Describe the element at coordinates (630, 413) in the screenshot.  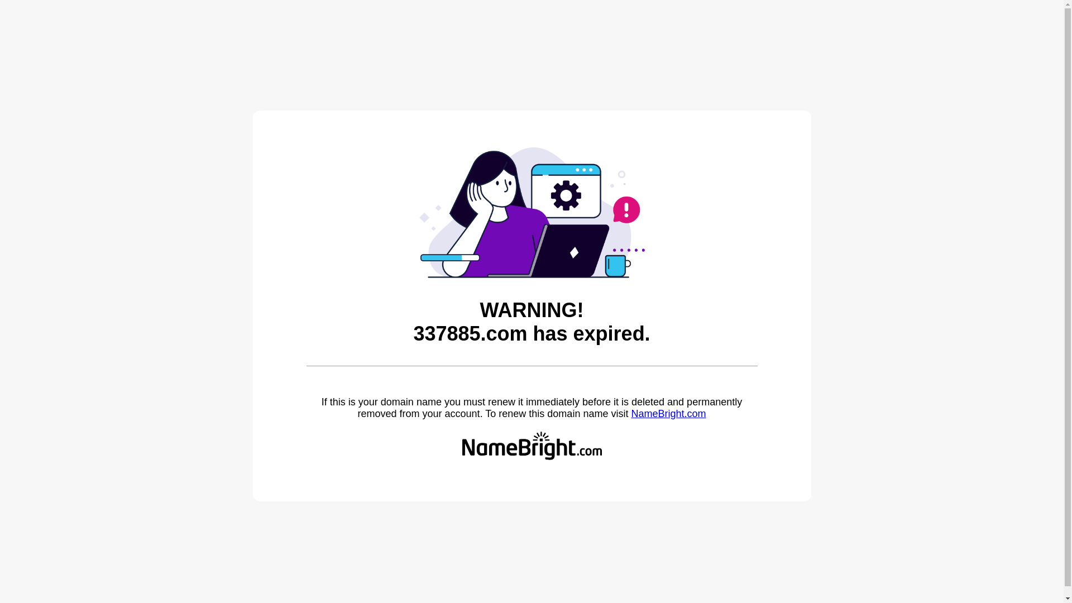
I see `'NameBright.com'` at that location.